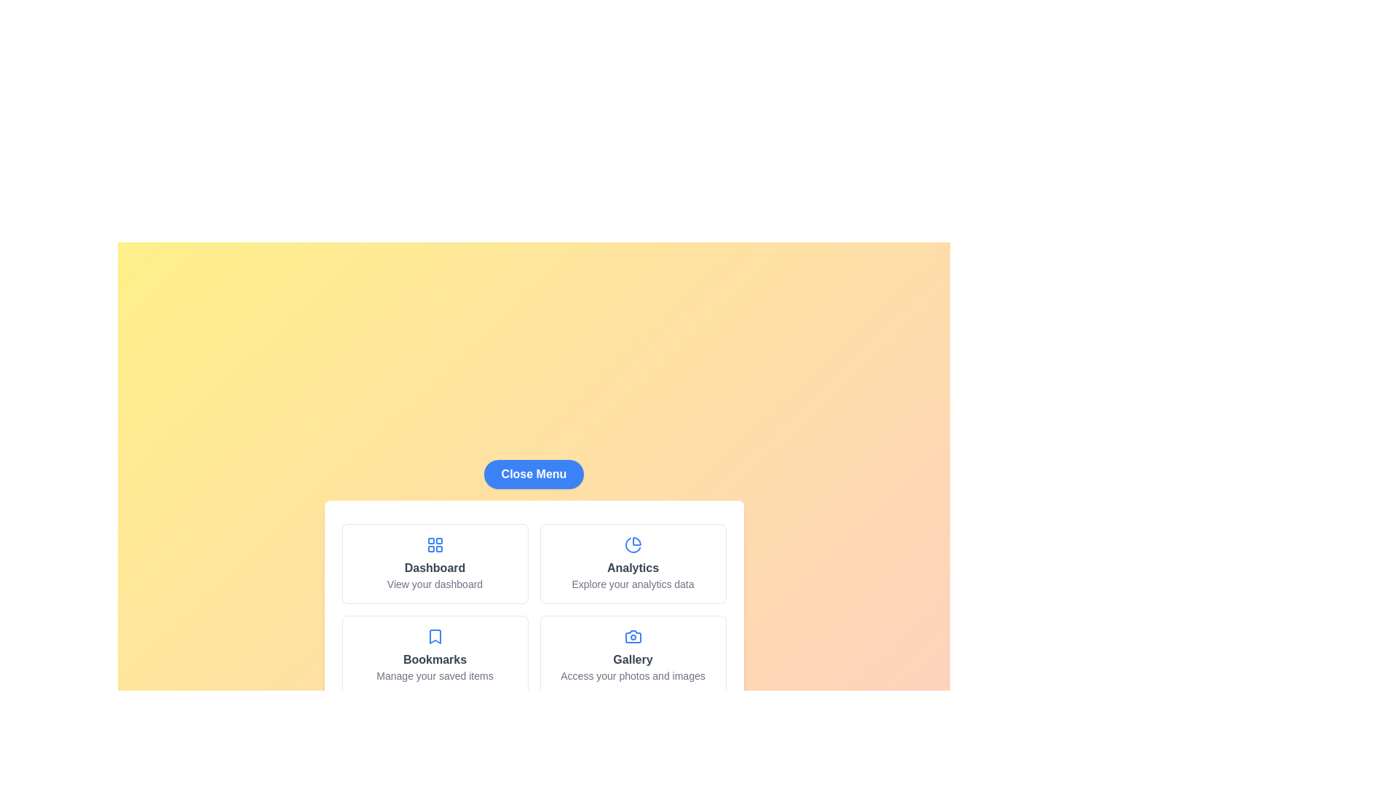 The image size is (1398, 786). Describe the element at coordinates (633, 563) in the screenshot. I see `the menu item Analytics` at that location.